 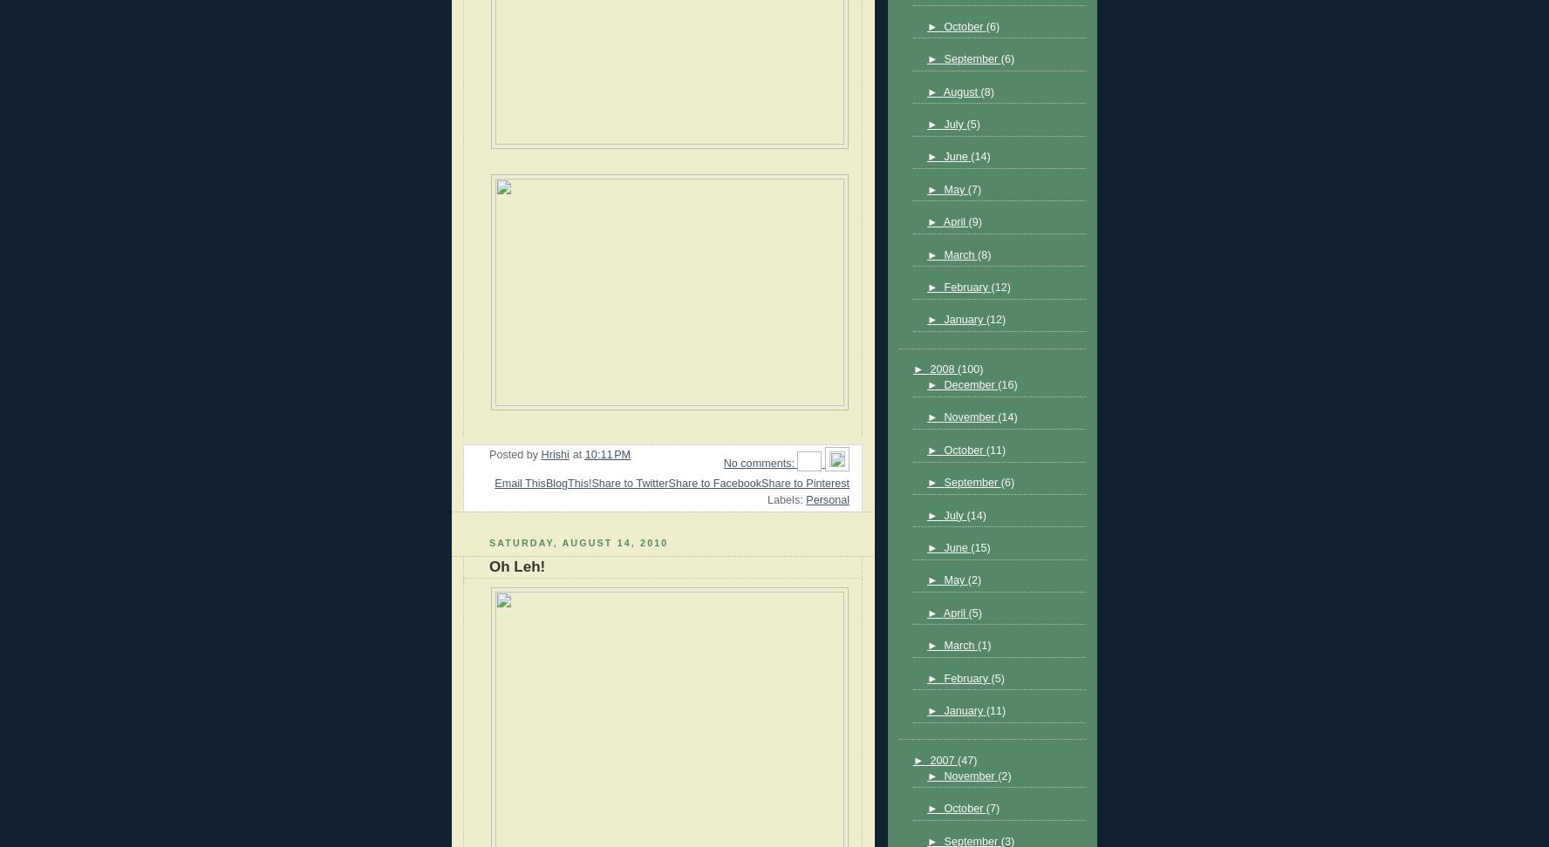 What do you see at coordinates (629, 482) in the screenshot?
I see `'Share to Twitter'` at bounding box center [629, 482].